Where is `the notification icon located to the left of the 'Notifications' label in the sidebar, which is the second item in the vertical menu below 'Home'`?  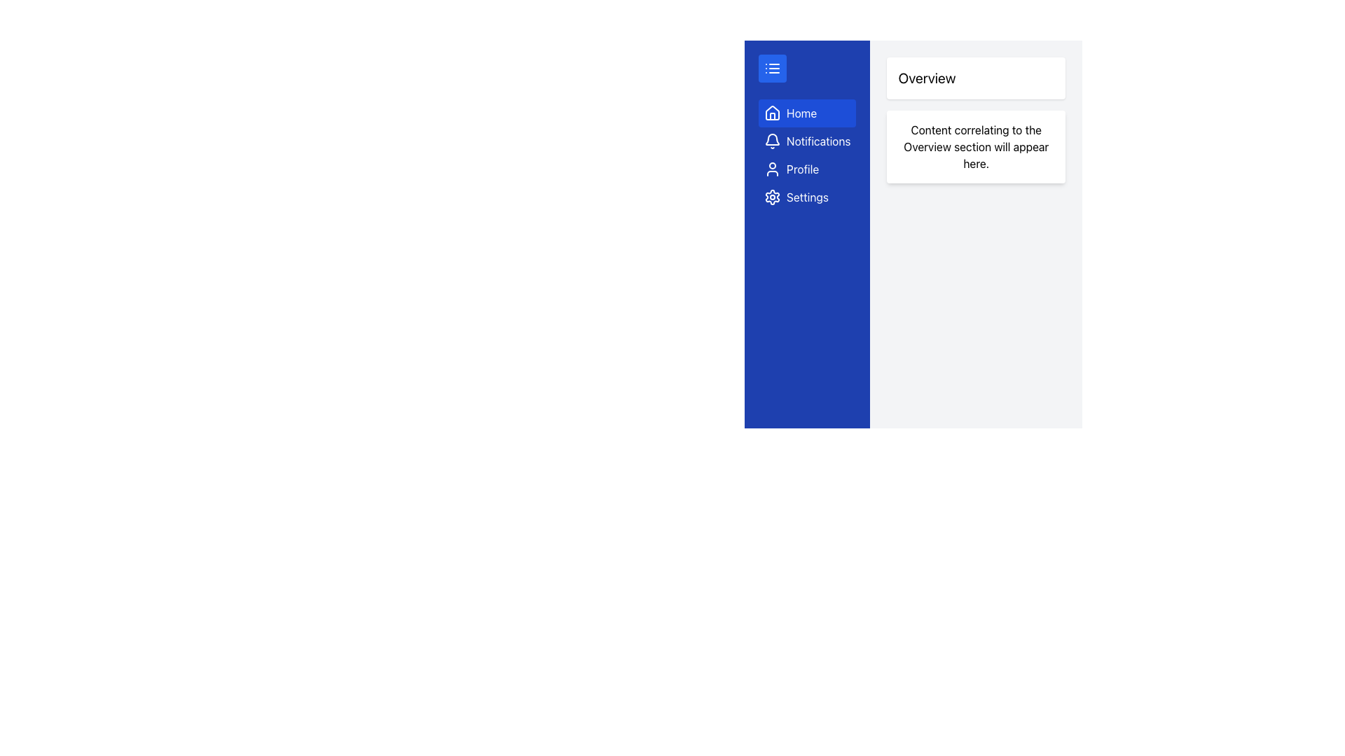 the notification icon located to the left of the 'Notifications' label in the sidebar, which is the second item in the vertical menu below 'Home' is located at coordinates (772, 141).